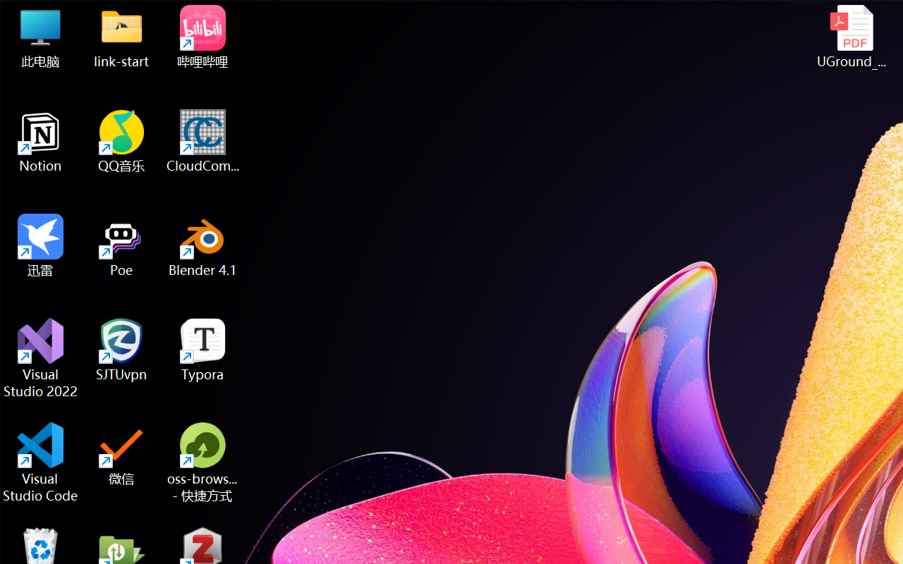 This screenshot has height=564, width=903. I want to click on 'Blender 4.1', so click(202, 245).